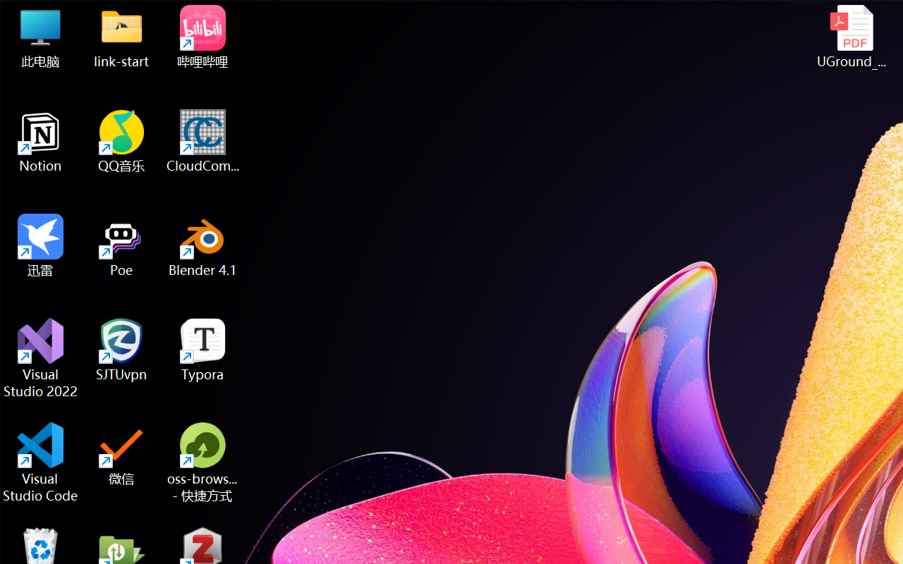 This screenshot has height=564, width=903. I want to click on 'Blender 4.1', so click(202, 245).